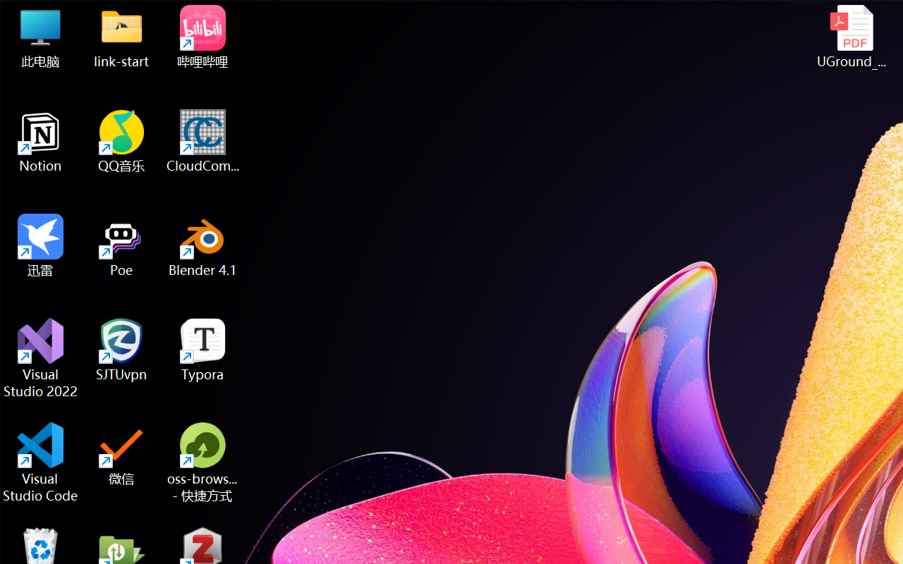 This screenshot has height=564, width=903. I want to click on 'Blender 4.1', so click(202, 245).